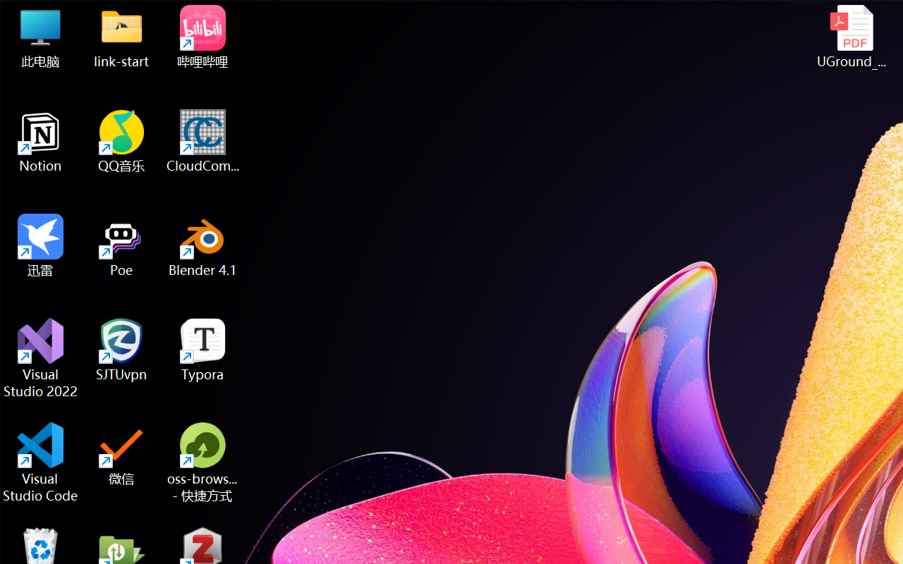 This screenshot has height=564, width=903. I want to click on 'Blender 4.1', so click(202, 245).